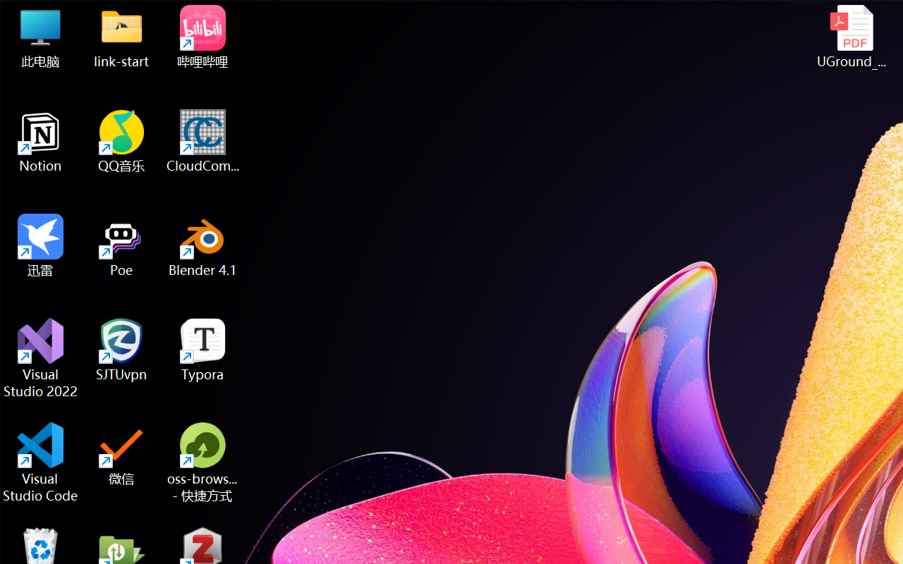 This screenshot has height=564, width=903. I want to click on 'Blender 4.1', so click(202, 245).